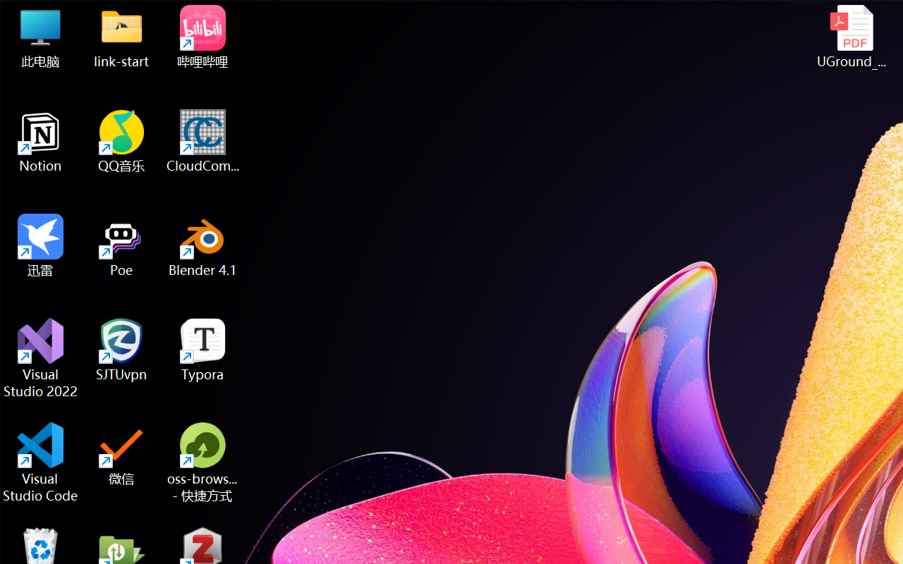 This screenshot has height=564, width=903. I want to click on 'Blender 4.1', so click(202, 245).